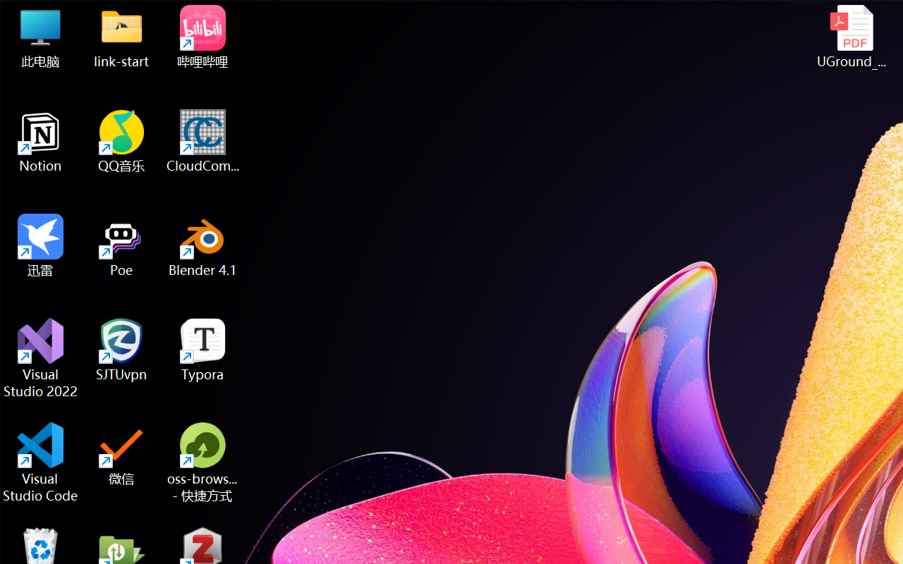 This screenshot has height=564, width=903. I want to click on 'Blender 4.1', so click(202, 245).